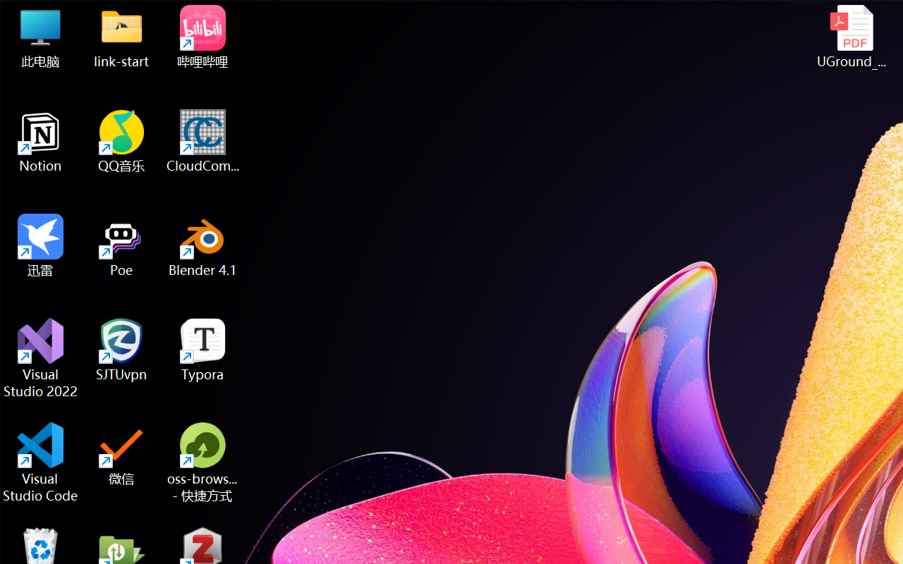 This screenshot has height=564, width=903. I want to click on 'Blender 4.1', so click(202, 245).